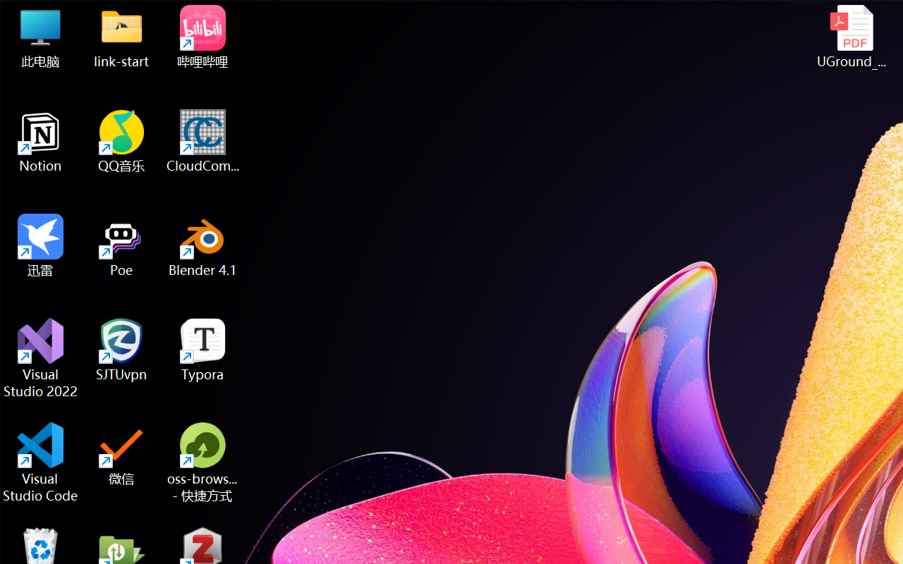 This screenshot has height=564, width=903. I want to click on 'Blender 4.1', so click(202, 245).